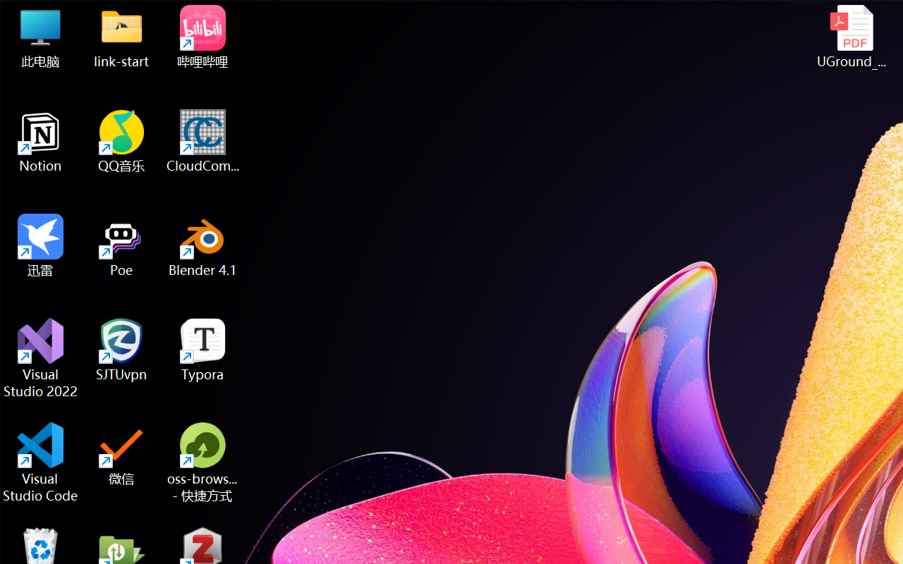 This screenshot has height=564, width=903. I want to click on 'Blender 4.1', so click(202, 245).